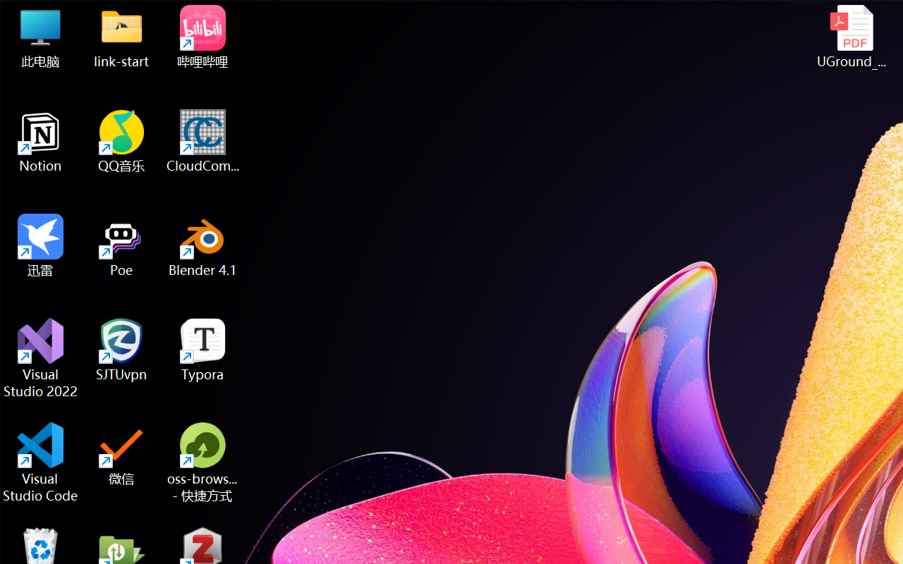 This screenshot has height=564, width=903. I want to click on 'Blender 4.1', so click(202, 245).